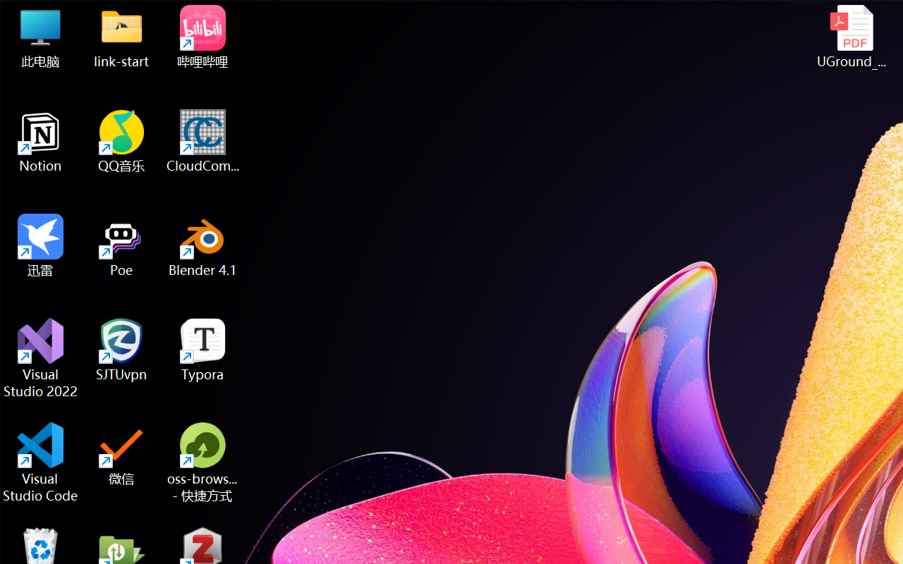 This screenshot has height=564, width=903. I want to click on 'Blender 4.1', so click(202, 245).